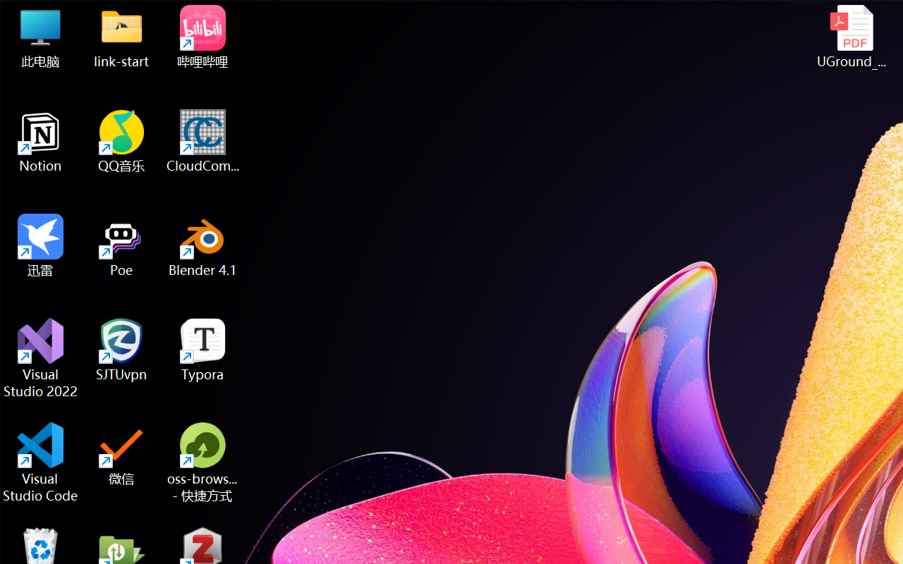 This screenshot has height=564, width=903. I want to click on 'Blender 4.1', so click(202, 245).